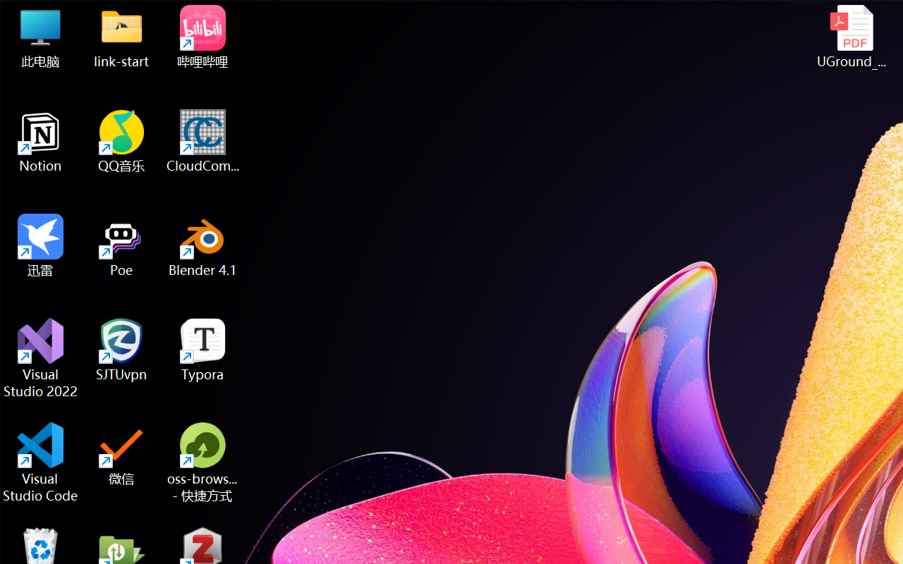 This screenshot has height=564, width=903. I want to click on 'Blender 4.1', so click(202, 245).